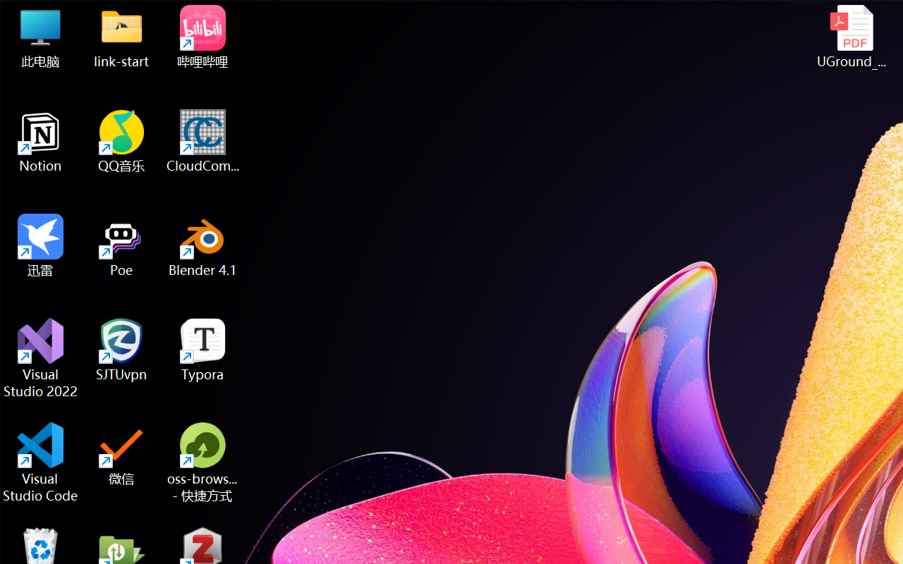 This screenshot has height=564, width=903. I want to click on 'Blender 4.1', so click(202, 245).